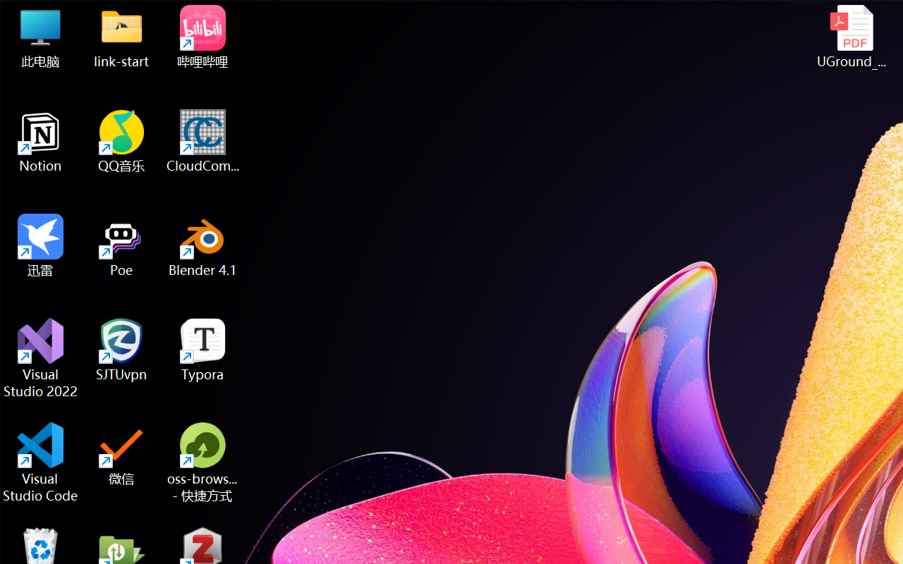 This screenshot has height=564, width=903. I want to click on 'Blender 4.1', so click(202, 245).